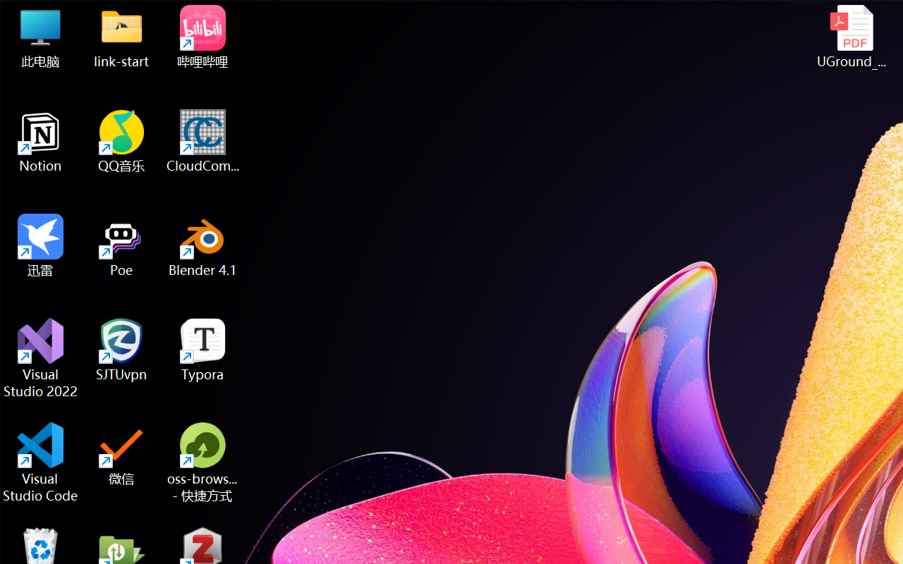 This screenshot has height=564, width=903. I want to click on 'Blender 4.1', so click(202, 245).